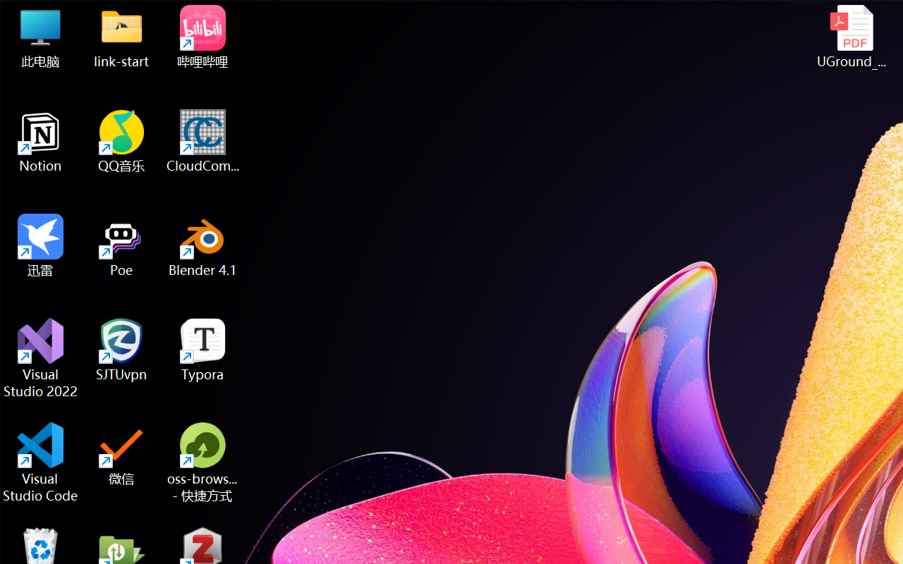 This screenshot has height=564, width=903. I want to click on 'Blender 4.1', so click(202, 245).